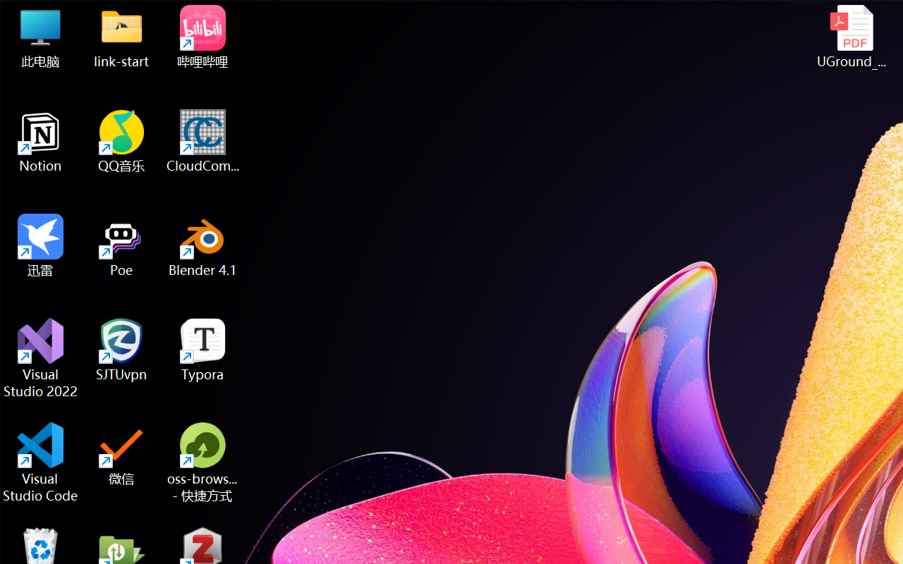 This screenshot has height=564, width=903. I want to click on 'Blender 4.1', so click(202, 245).